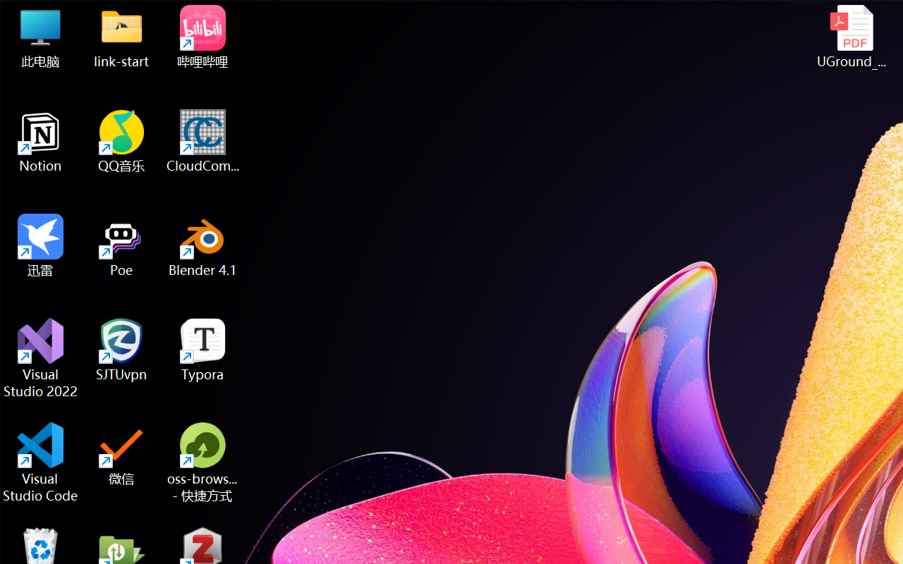 This screenshot has height=564, width=903. I want to click on 'Blender 4.1', so click(202, 245).